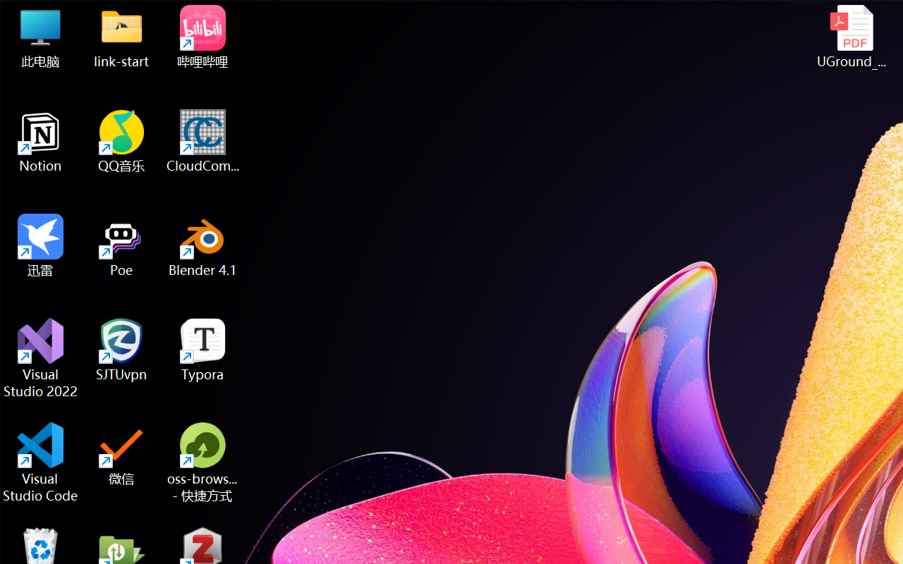 This screenshot has height=564, width=903. I want to click on 'Blender 4.1', so click(202, 245).